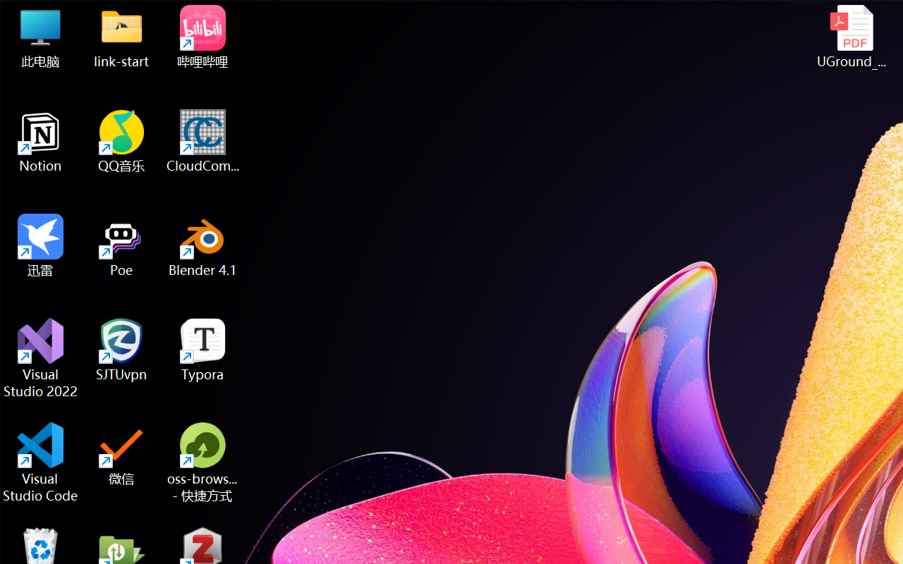 This screenshot has height=564, width=903. I want to click on 'Blender 4.1', so click(202, 245).